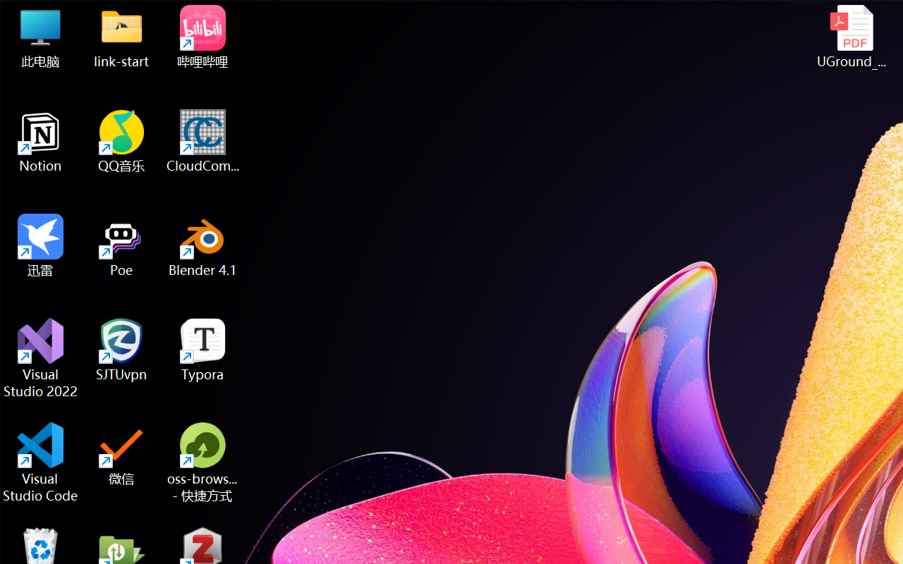 This screenshot has height=564, width=903. I want to click on 'Blender 4.1', so click(202, 245).